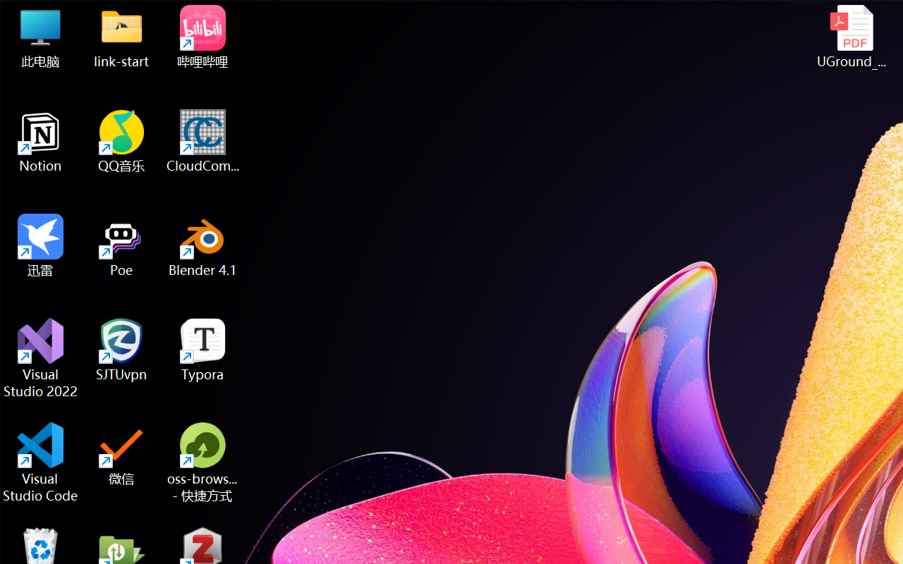 This screenshot has height=564, width=903. I want to click on 'Blender 4.1', so click(202, 245).